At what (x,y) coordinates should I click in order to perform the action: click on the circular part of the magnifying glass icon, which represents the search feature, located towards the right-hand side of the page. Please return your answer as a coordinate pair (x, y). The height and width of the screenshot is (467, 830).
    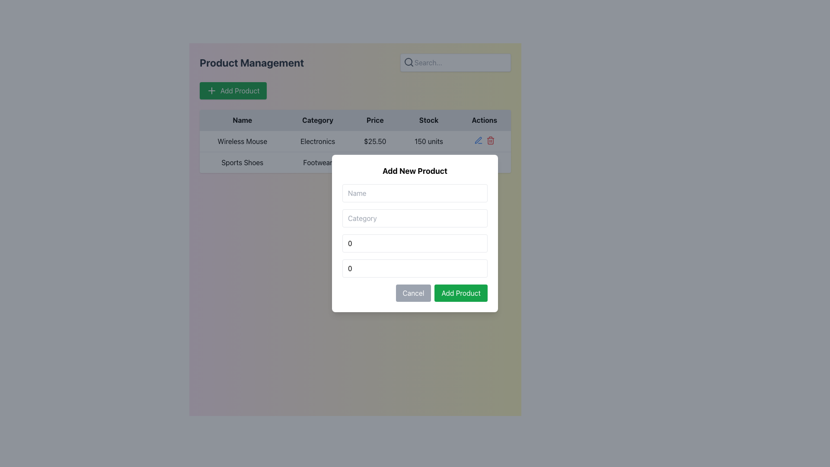
    Looking at the image, I should click on (408, 61).